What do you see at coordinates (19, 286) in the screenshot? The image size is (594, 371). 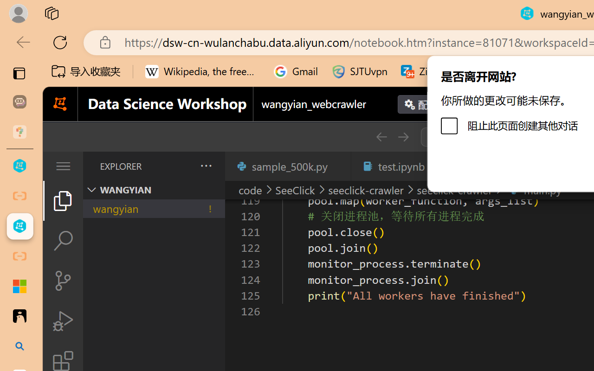 I see `'Adjust indents and spacing - Microsoft Support'` at bounding box center [19, 286].